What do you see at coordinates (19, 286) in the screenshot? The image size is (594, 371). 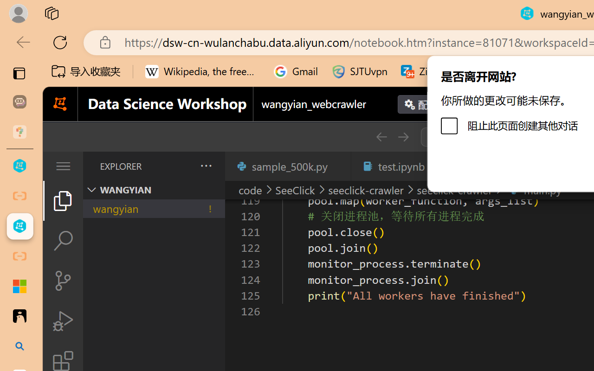 I see `'Adjust indents and spacing - Microsoft Support'` at bounding box center [19, 286].